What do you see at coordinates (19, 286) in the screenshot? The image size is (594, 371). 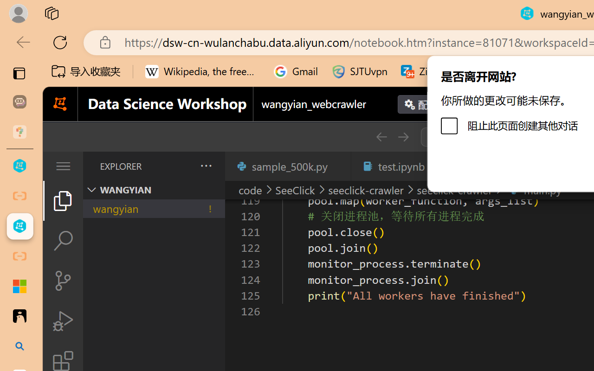 I see `'Adjust indents and spacing - Microsoft Support'` at bounding box center [19, 286].